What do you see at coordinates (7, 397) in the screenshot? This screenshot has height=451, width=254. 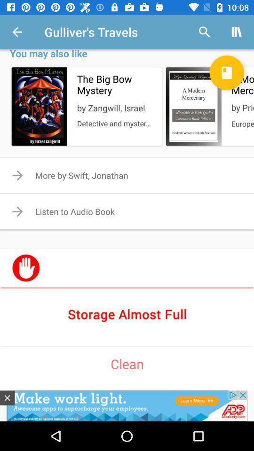 I see `advertisement` at bounding box center [7, 397].